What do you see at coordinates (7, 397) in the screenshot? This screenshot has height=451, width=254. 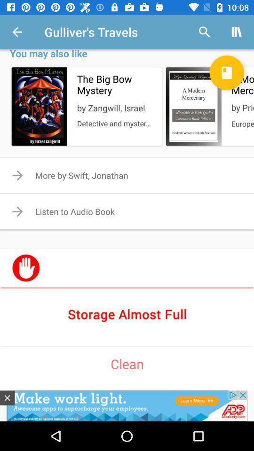 I see `advertisement` at bounding box center [7, 397].